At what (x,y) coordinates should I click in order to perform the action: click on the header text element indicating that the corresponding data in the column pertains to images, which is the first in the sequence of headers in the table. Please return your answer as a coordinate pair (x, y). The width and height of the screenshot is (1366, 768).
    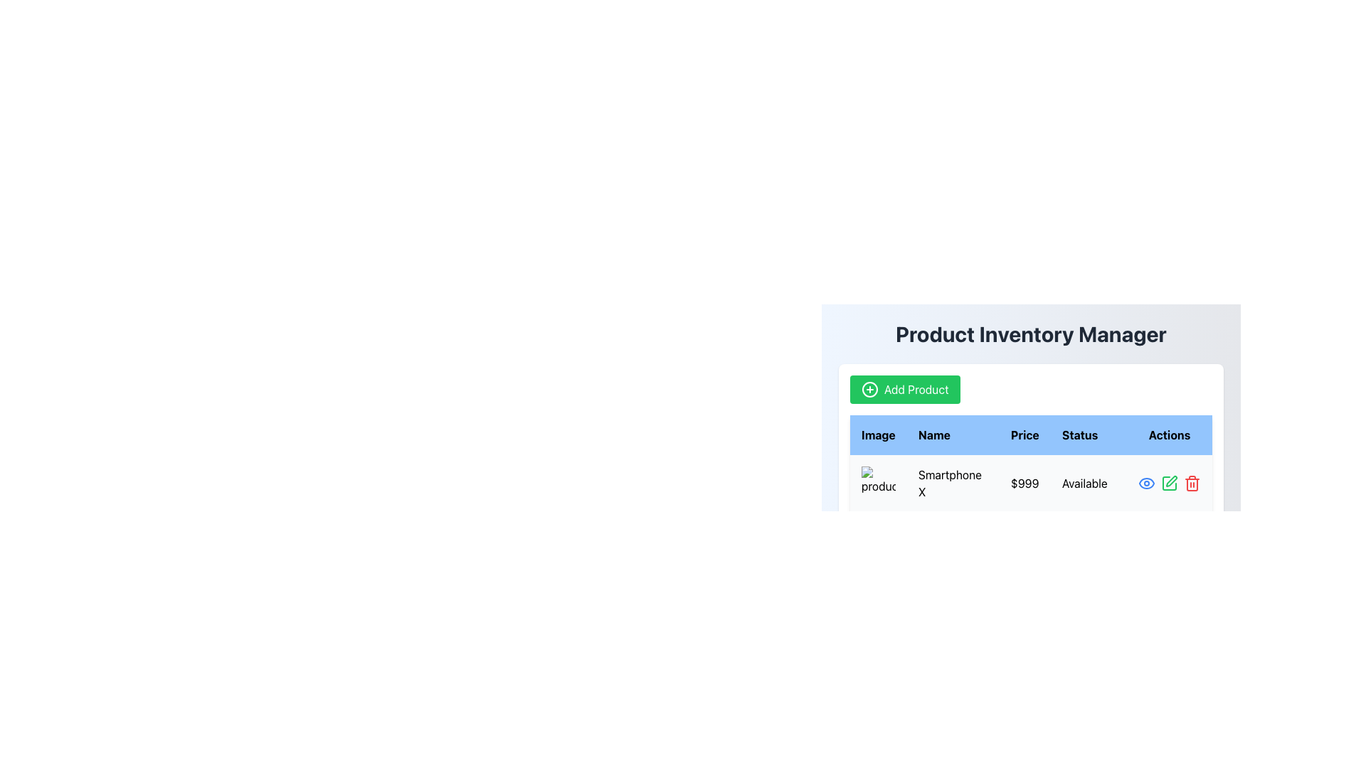
    Looking at the image, I should click on (877, 434).